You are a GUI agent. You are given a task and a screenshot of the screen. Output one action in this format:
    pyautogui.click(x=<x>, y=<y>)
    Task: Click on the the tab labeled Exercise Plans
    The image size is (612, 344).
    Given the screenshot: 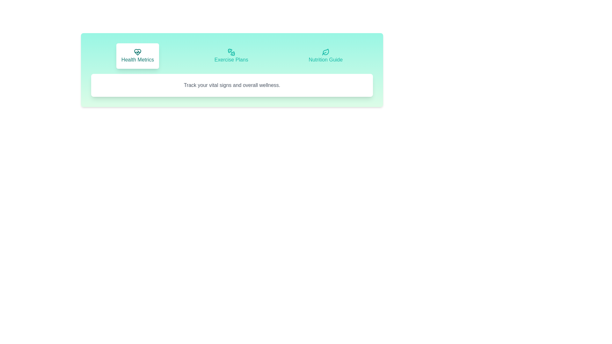 What is the action you would take?
    pyautogui.click(x=231, y=56)
    